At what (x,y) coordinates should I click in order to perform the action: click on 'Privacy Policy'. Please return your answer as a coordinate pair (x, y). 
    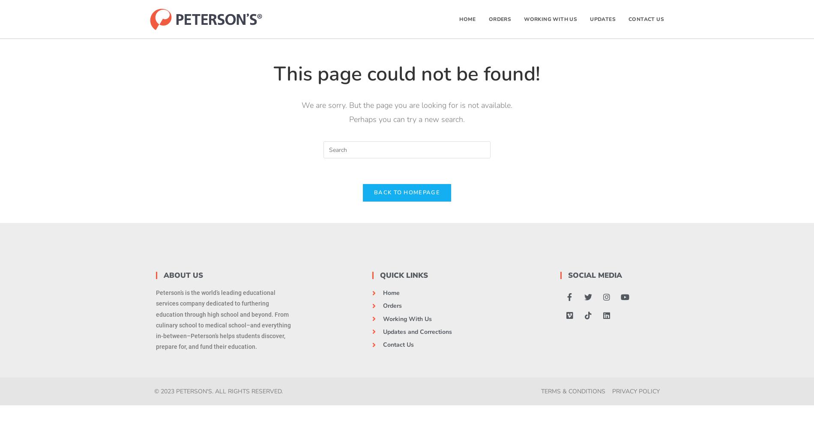
    Looking at the image, I should click on (612, 391).